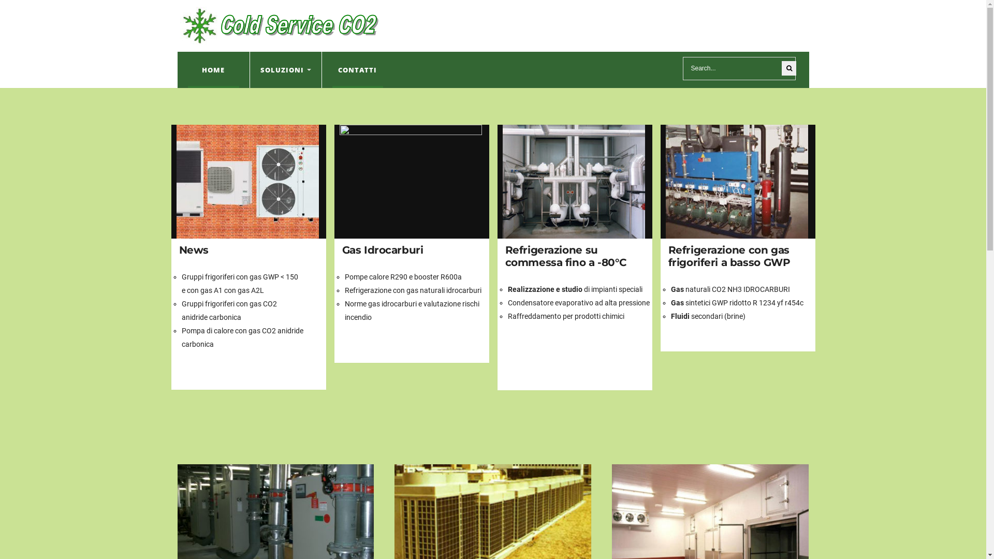  Describe the element at coordinates (708, 315) in the screenshot. I see `'Fluidi secondari (brine)'` at that location.